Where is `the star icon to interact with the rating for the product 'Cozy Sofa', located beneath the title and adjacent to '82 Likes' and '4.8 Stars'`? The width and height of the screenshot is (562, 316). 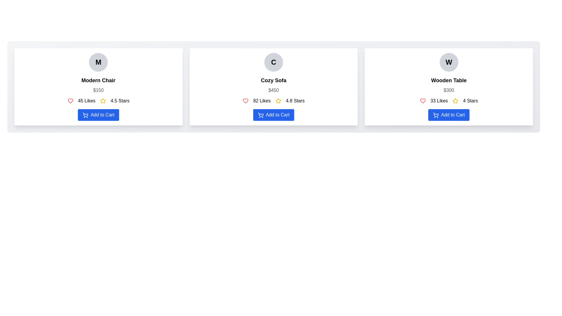
the star icon to interact with the rating for the product 'Cozy Sofa', located beneath the title and adjacent to '82 Likes' and '4.8 Stars' is located at coordinates (278, 100).